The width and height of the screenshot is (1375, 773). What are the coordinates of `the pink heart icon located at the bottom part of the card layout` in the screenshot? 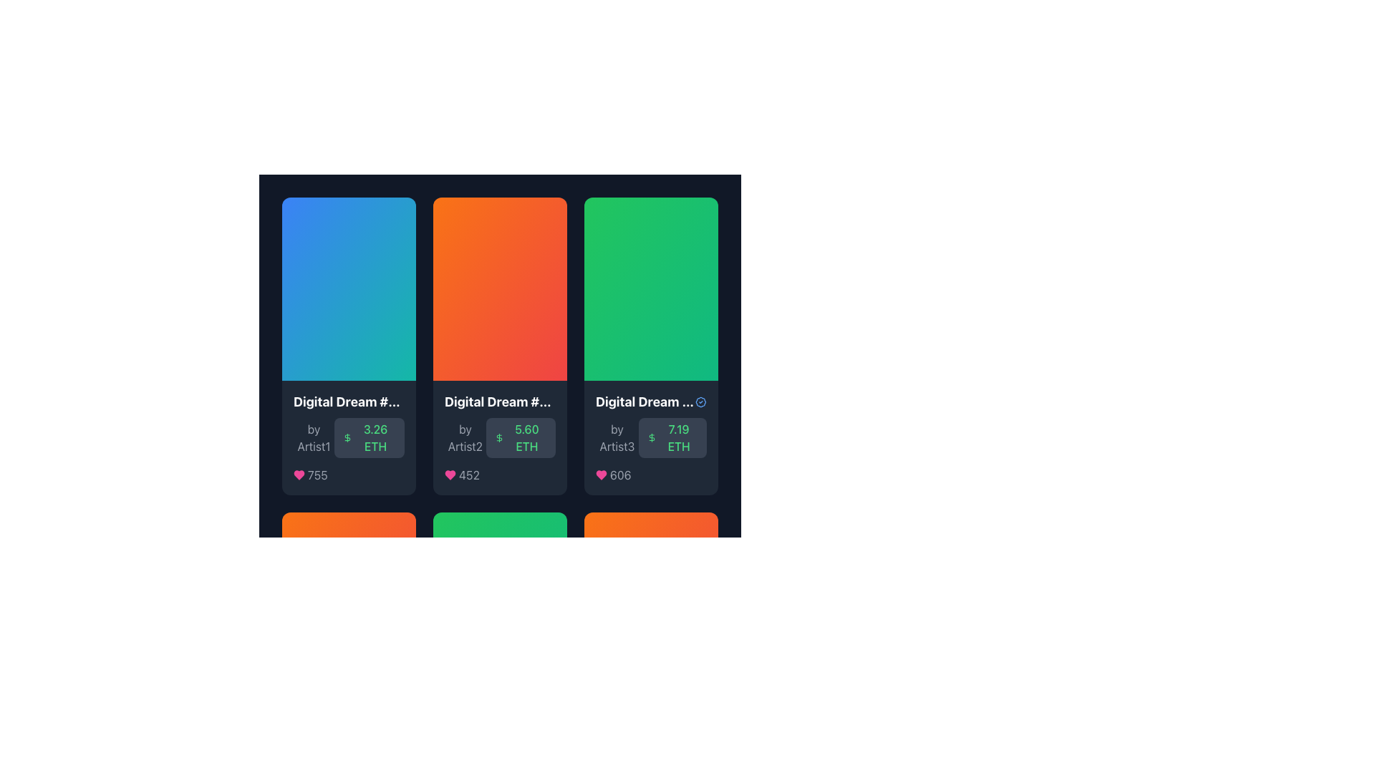 It's located at (602, 475).